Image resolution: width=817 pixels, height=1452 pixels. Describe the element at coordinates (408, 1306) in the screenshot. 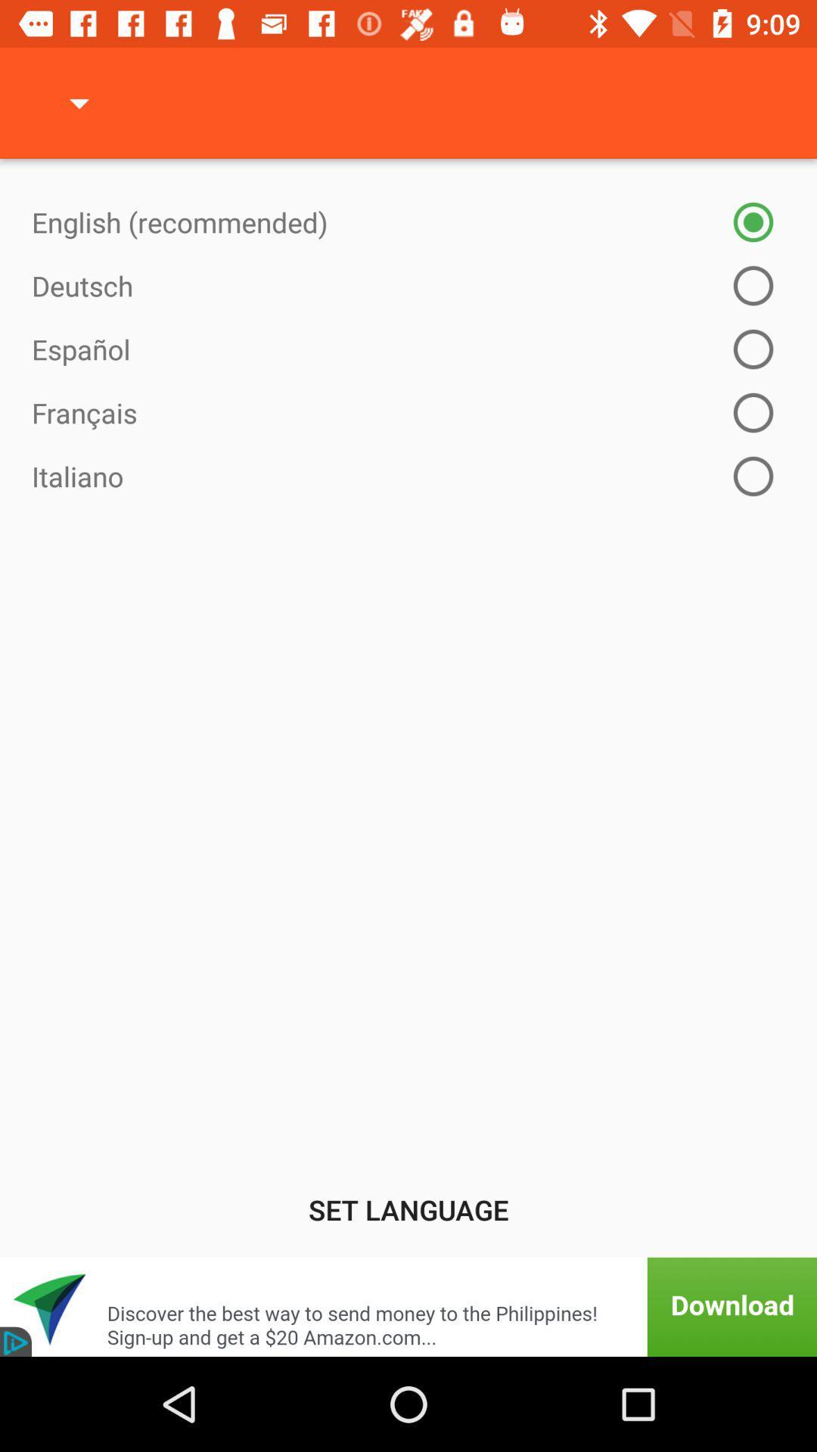

I see `download advertisement` at that location.